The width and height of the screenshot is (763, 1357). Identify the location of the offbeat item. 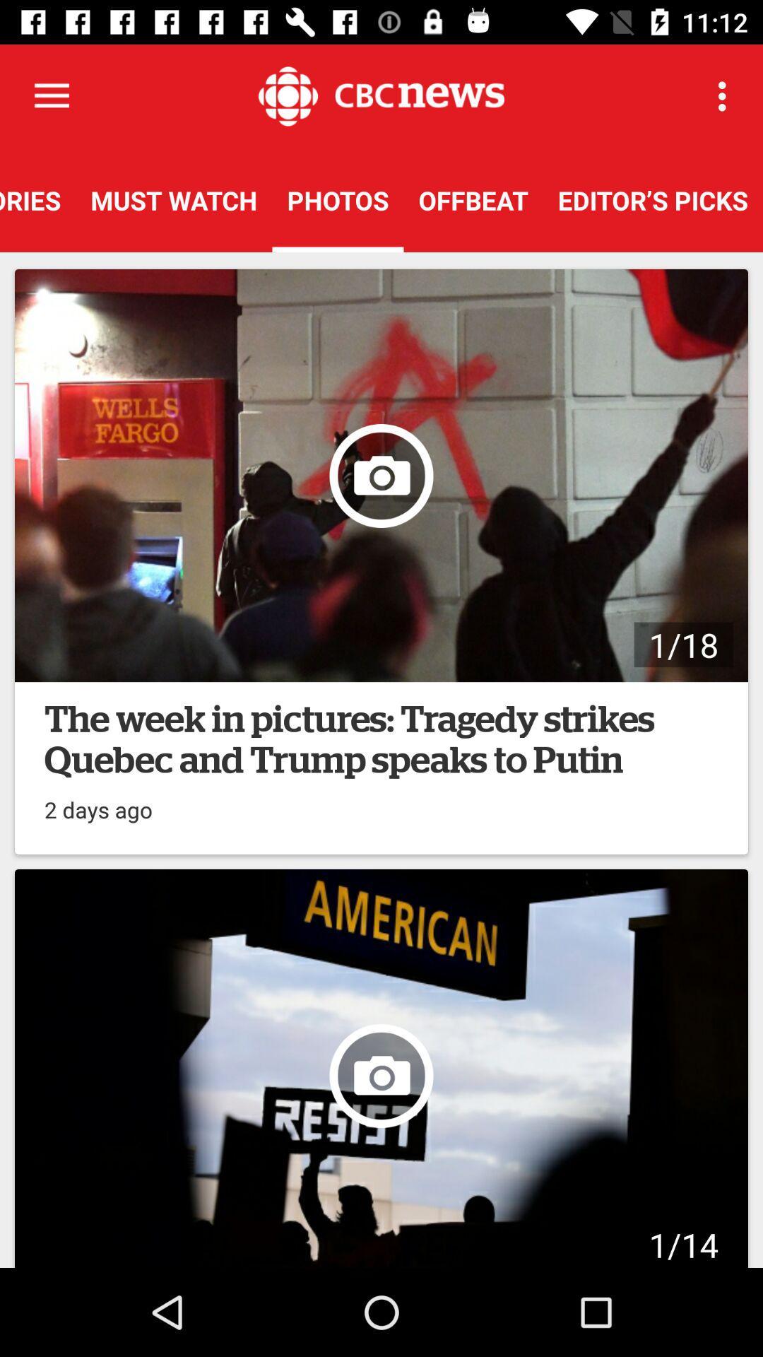
(473, 199).